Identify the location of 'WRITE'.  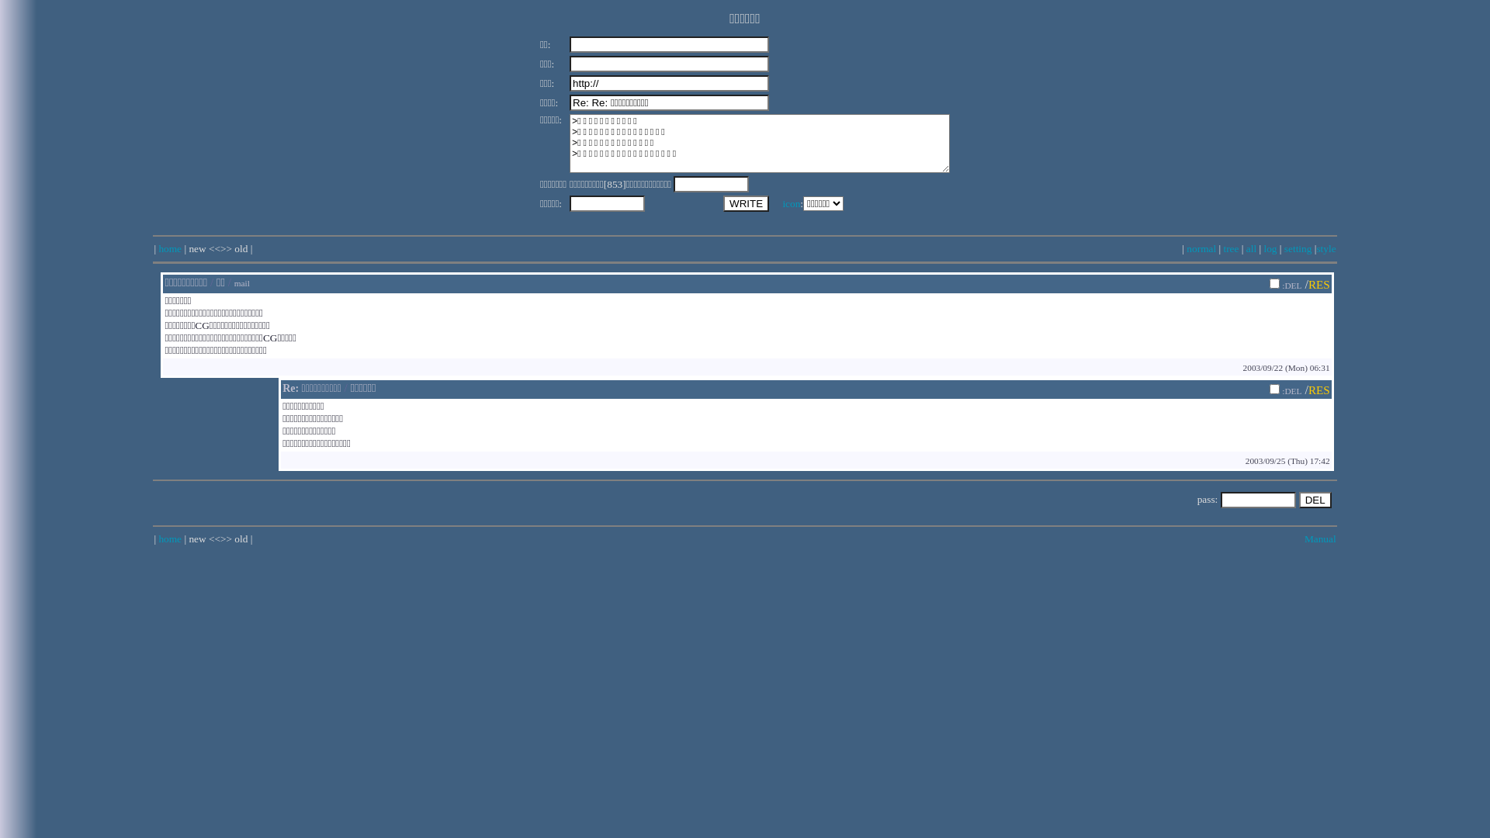
(746, 203).